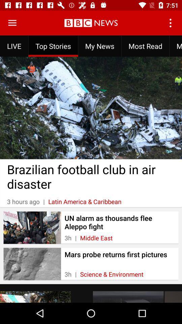 Image resolution: width=182 pixels, height=324 pixels. I want to click on the item to the right of my news item, so click(171, 23).